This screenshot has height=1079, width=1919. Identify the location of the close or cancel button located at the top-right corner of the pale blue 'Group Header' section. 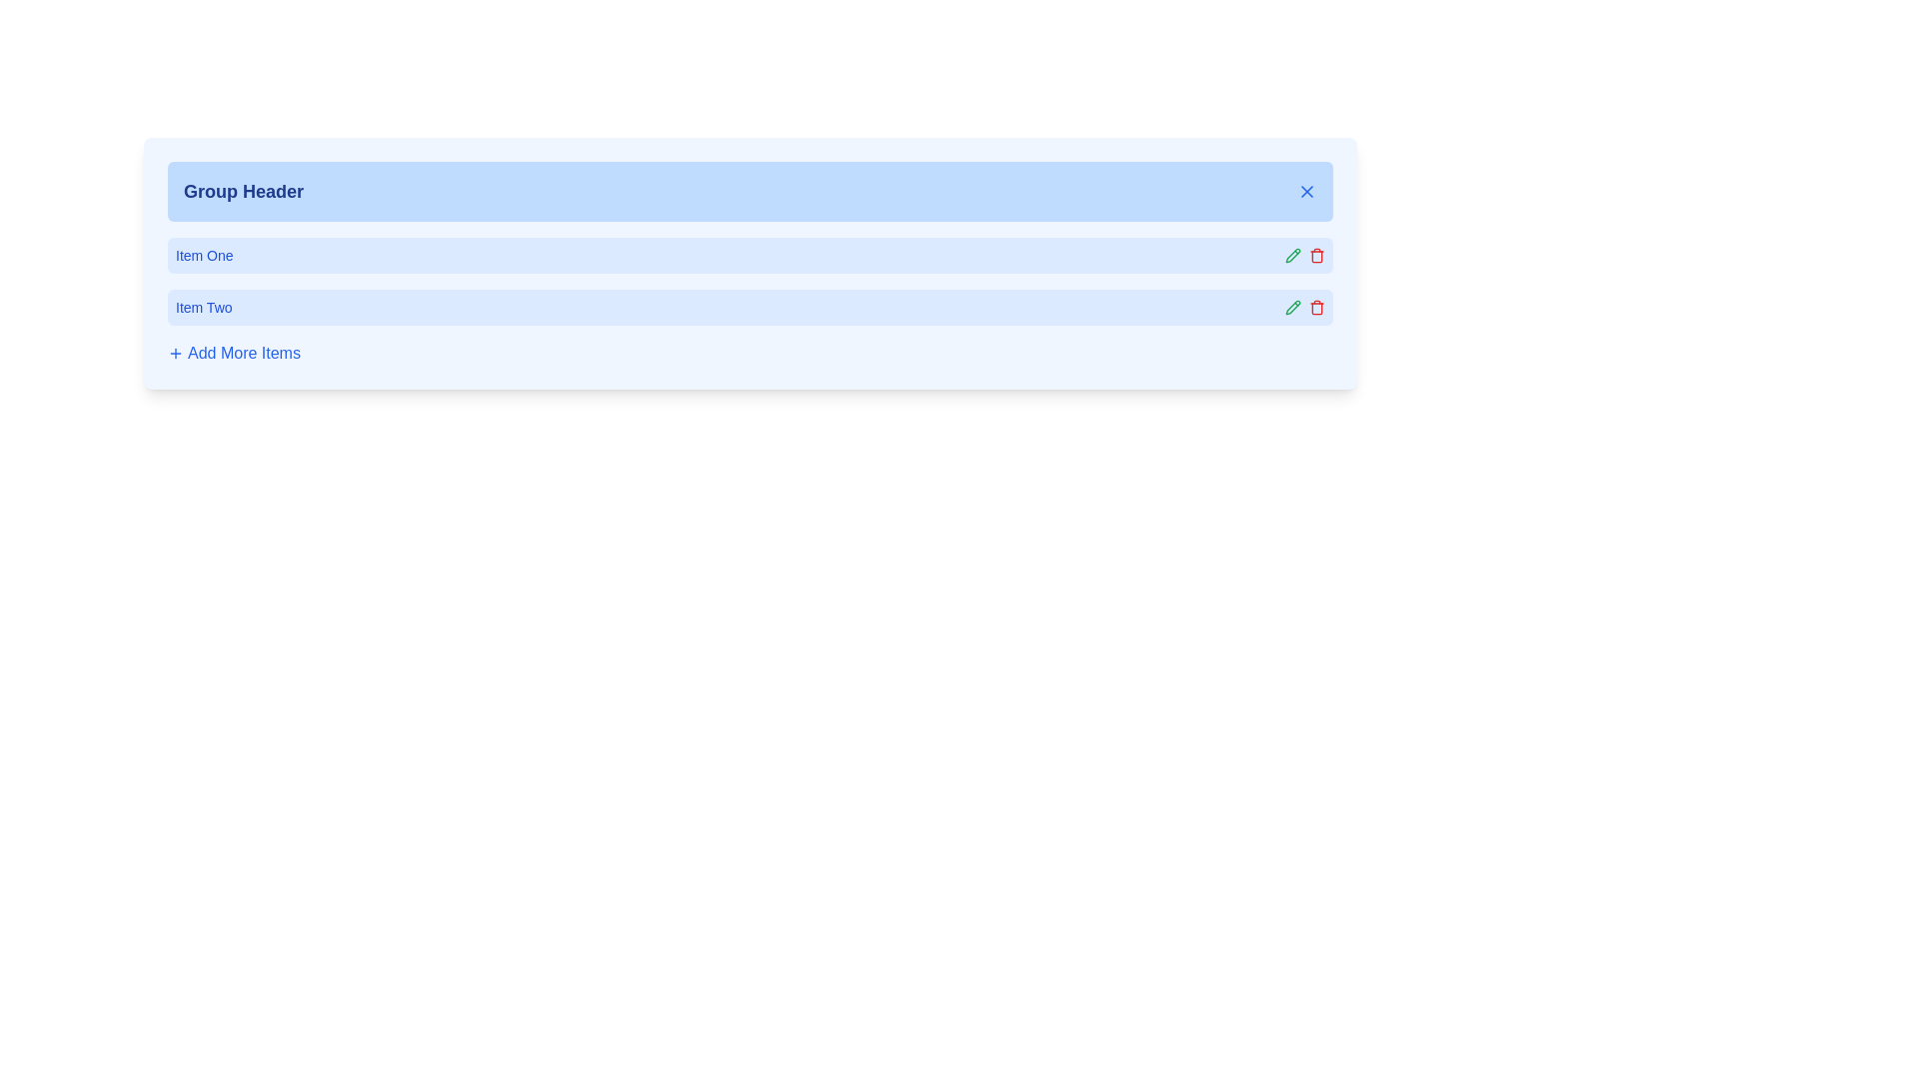
(1307, 192).